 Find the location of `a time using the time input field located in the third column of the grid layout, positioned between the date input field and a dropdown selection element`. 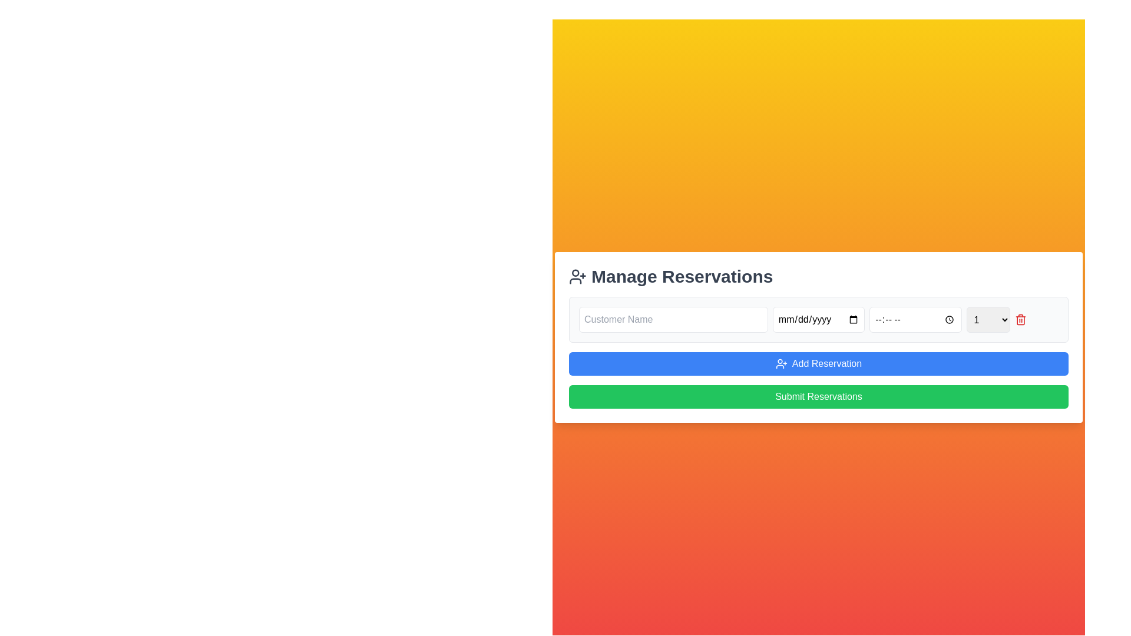

a time using the time input field located in the third column of the grid layout, positioned between the date input field and a dropdown selection element is located at coordinates (915, 320).